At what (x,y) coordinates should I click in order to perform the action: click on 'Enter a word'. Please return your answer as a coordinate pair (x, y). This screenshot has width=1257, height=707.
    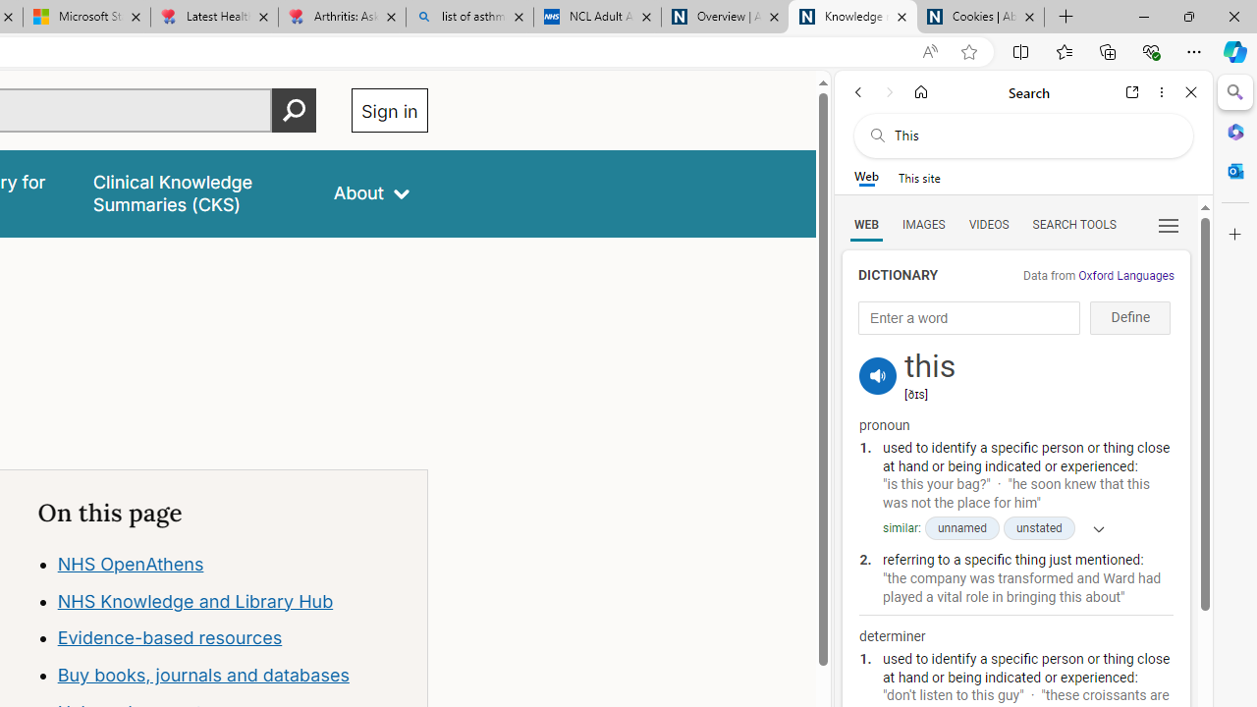
    Looking at the image, I should click on (969, 317).